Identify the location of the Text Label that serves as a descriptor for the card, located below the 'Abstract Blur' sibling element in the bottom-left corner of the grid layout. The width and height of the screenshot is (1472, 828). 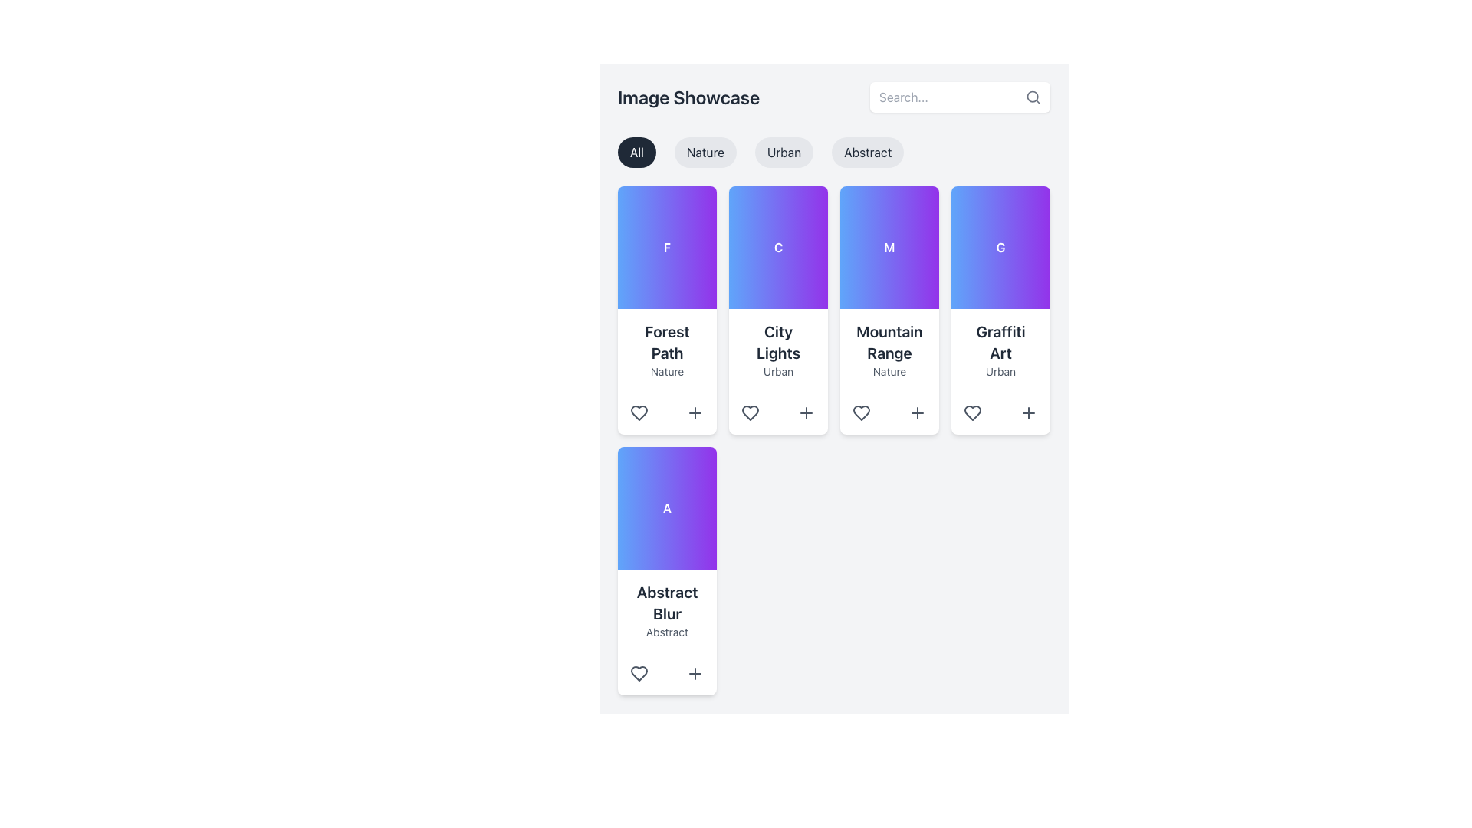
(667, 632).